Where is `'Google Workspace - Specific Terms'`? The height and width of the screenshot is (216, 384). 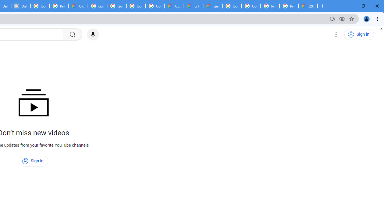
'Google Workspace - Specific Terms' is located at coordinates (155, 6).